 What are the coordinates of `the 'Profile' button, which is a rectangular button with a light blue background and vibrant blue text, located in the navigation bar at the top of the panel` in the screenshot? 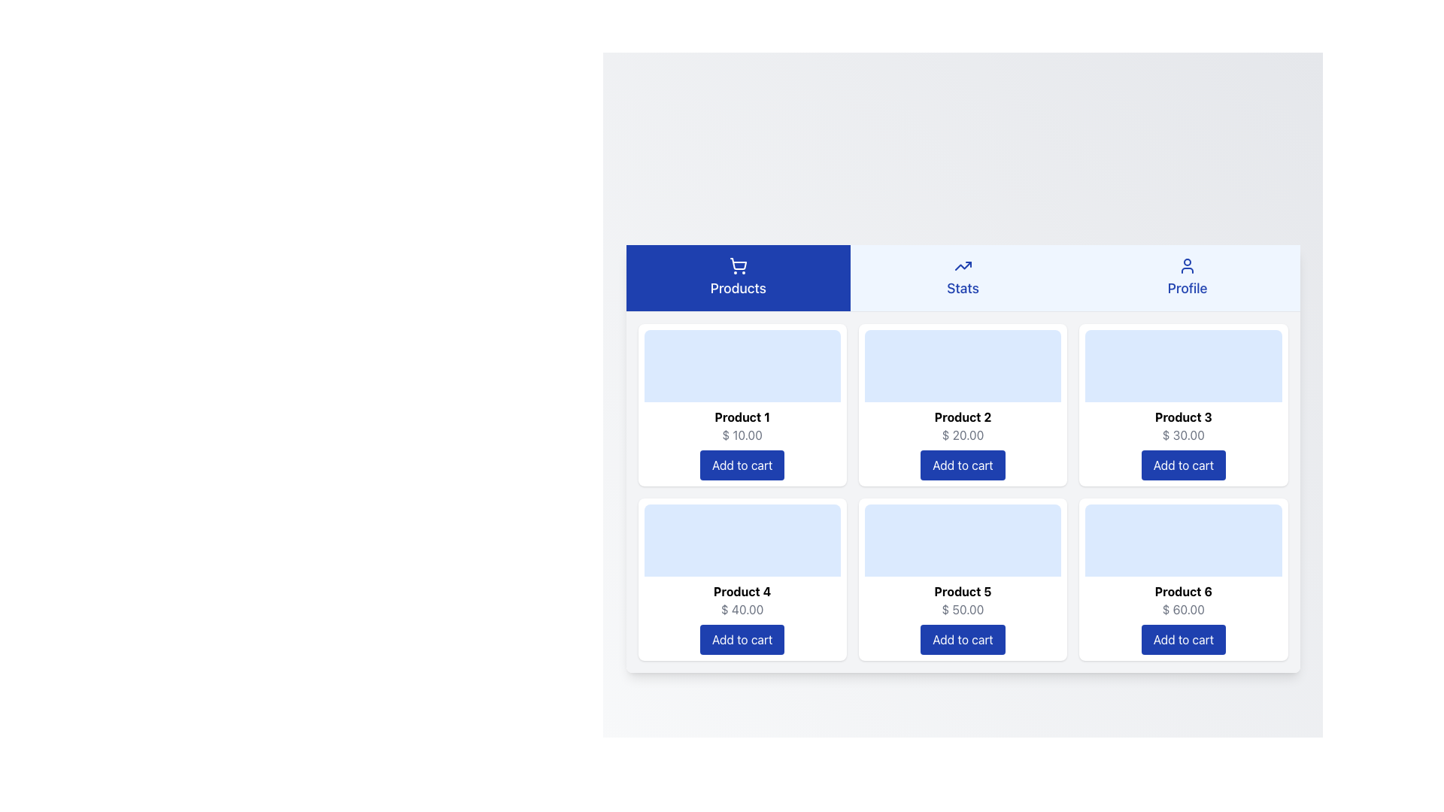 It's located at (1187, 277).